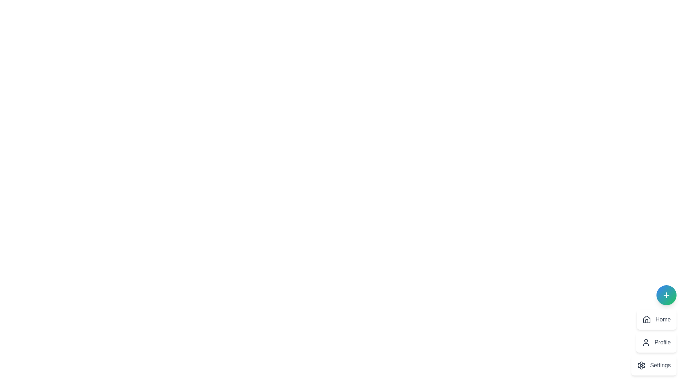 This screenshot has width=688, height=387. What do you see at coordinates (654, 365) in the screenshot?
I see `the action Settings from the speed dial menu` at bounding box center [654, 365].